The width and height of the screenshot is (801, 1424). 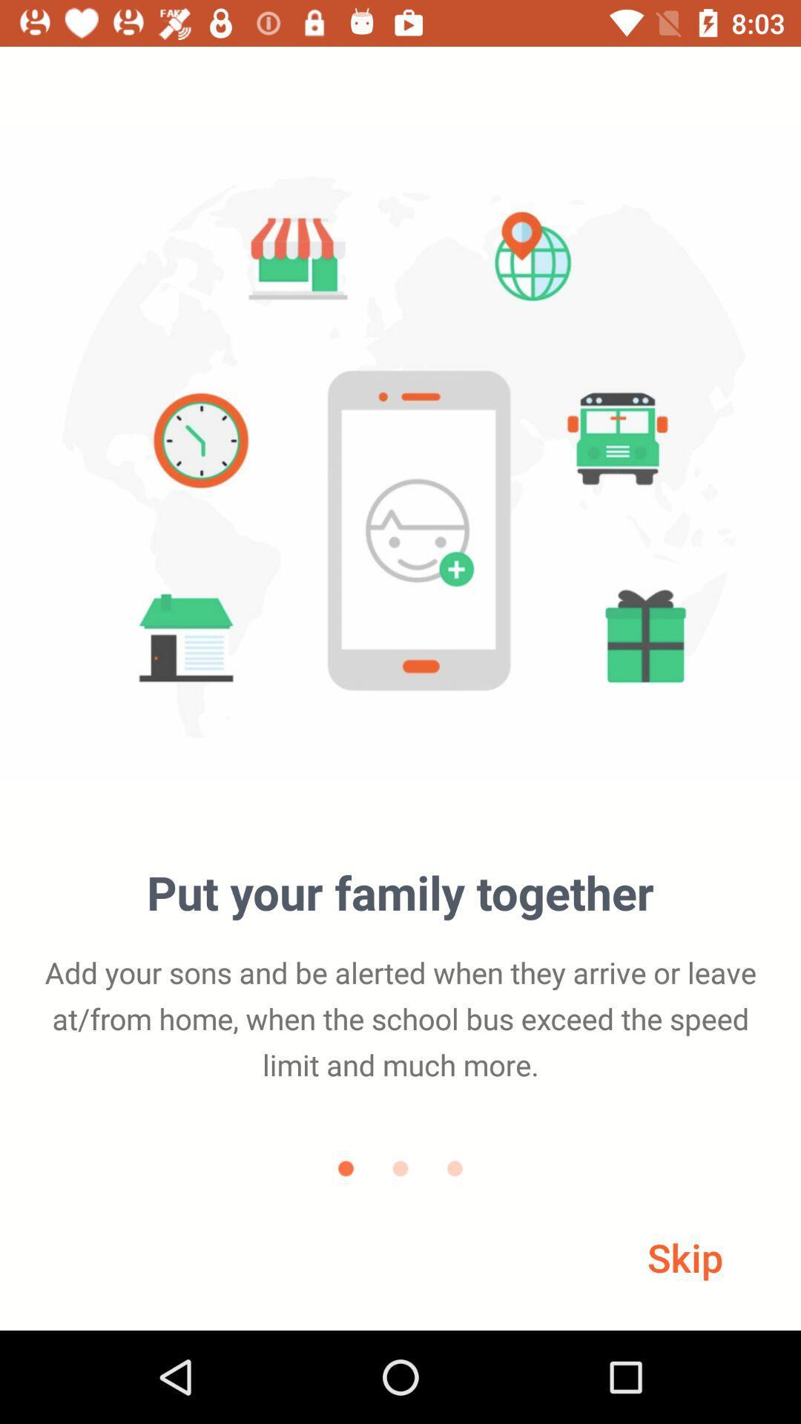 What do you see at coordinates (685, 1256) in the screenshot?
I see `the skip icon` at bounding box center [685, 1256].